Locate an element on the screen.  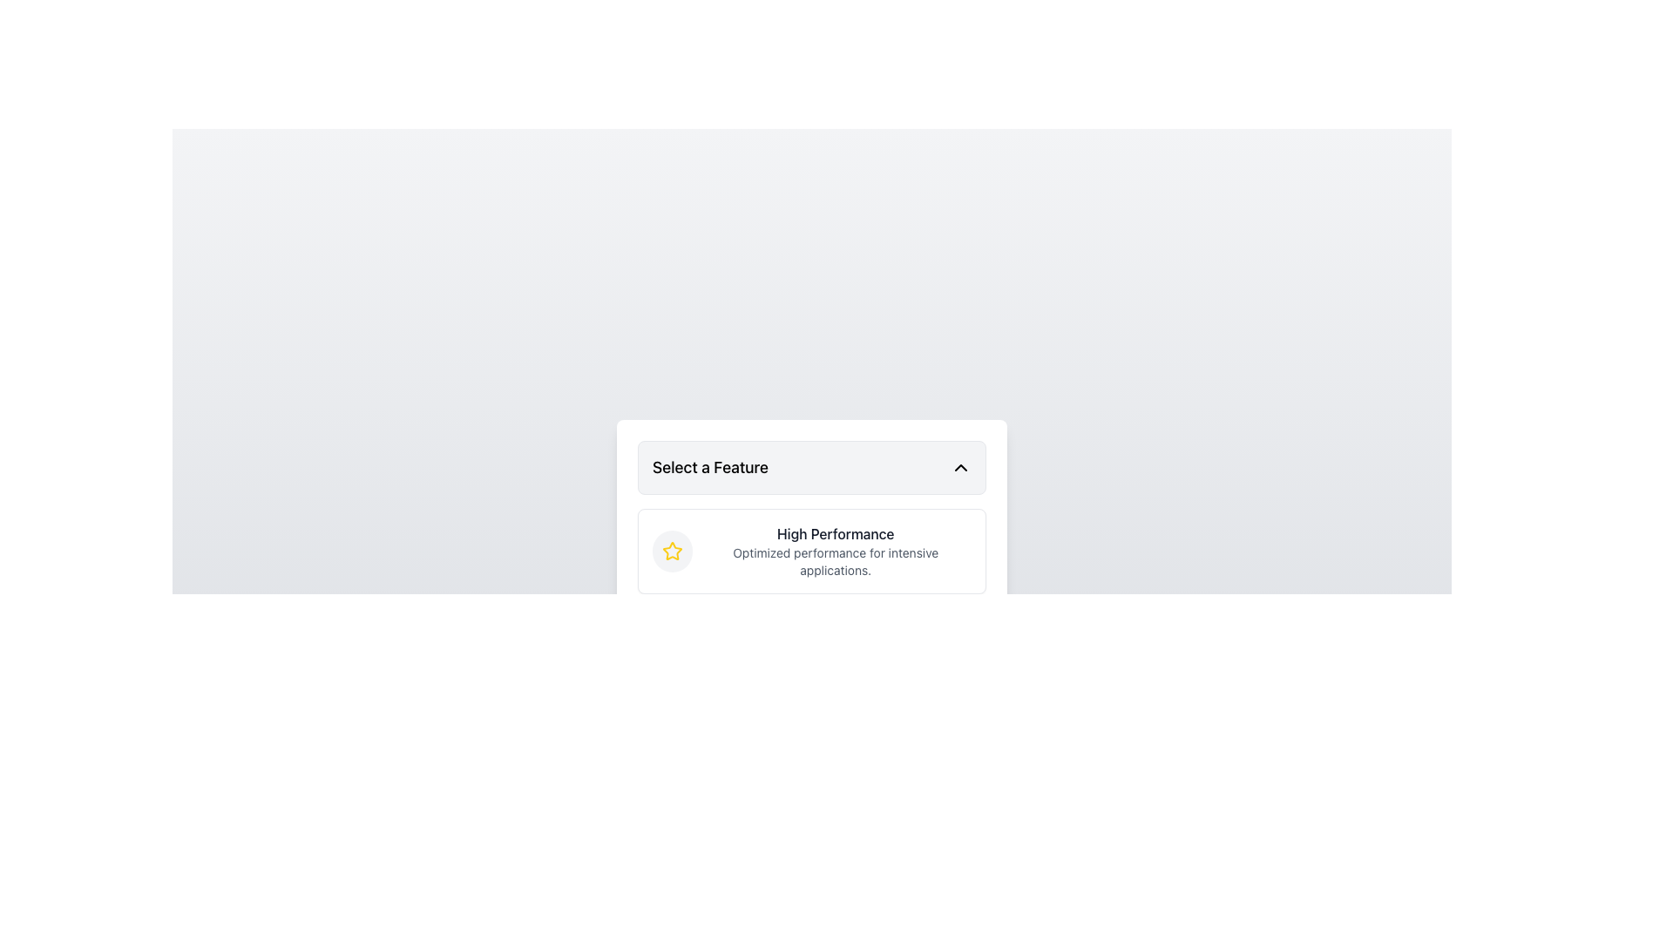
text string styled in a small gray font that says 'Optimized performance for intensive applications.' located directly below the bold header 'High Performance' is located at coordinates (835, 561).